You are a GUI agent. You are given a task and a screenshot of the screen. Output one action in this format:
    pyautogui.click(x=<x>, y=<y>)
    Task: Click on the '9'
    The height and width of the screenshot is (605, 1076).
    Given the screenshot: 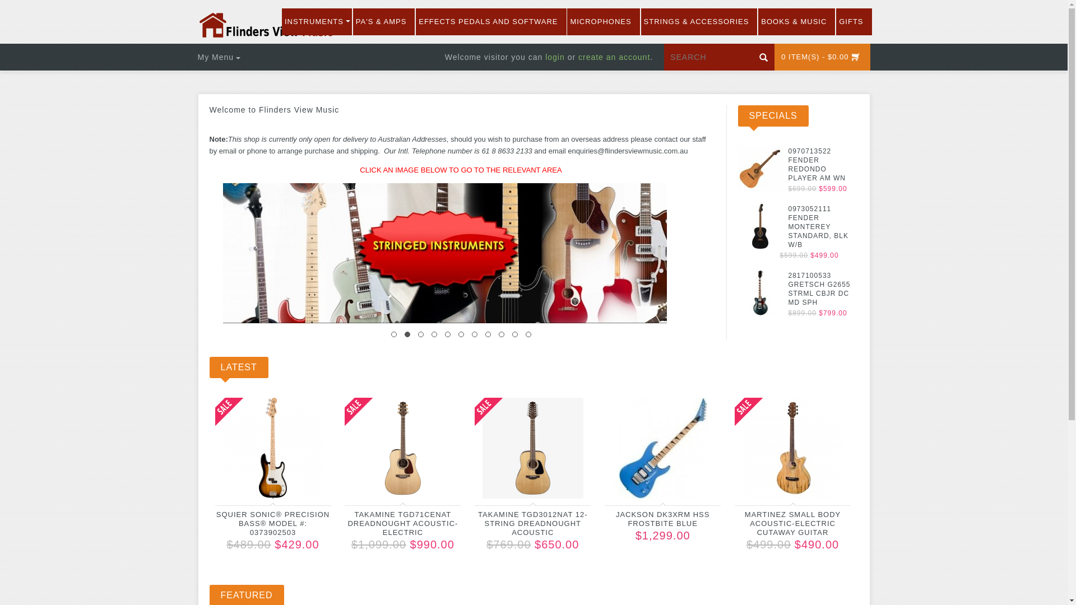 What is the action you would take?
    pyautogui.click(x=500, y=334)
    